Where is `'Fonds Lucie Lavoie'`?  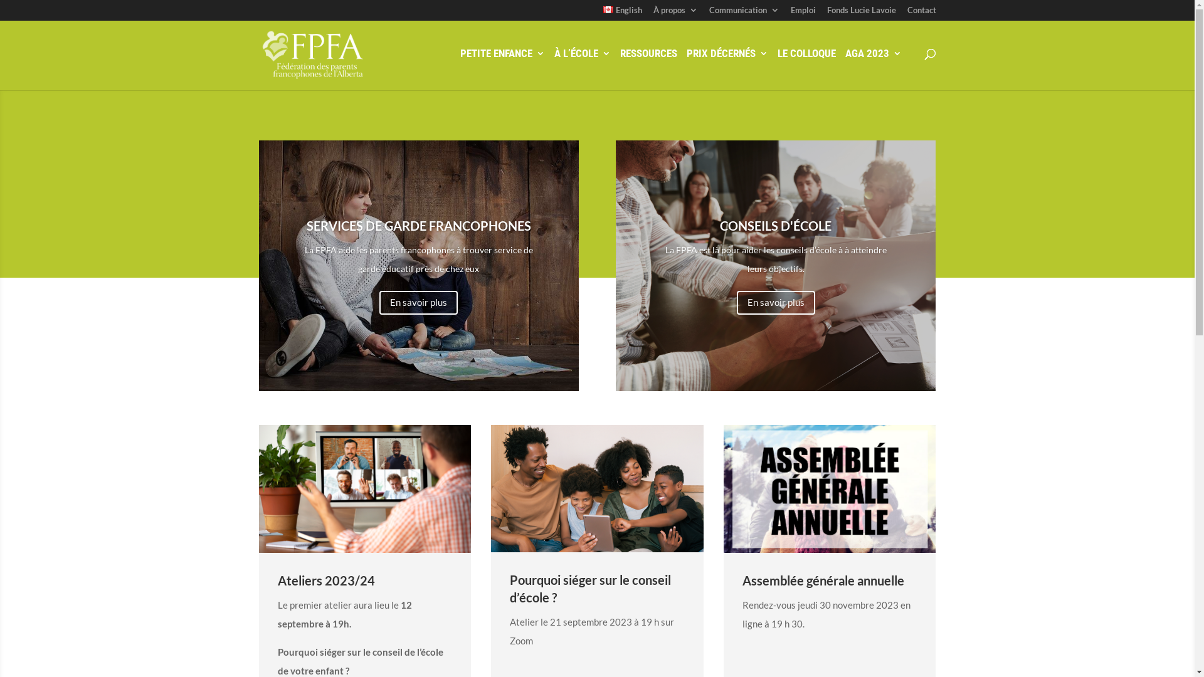
'Fonds Lucie Lavoie' is located at coordinates (860, 13).